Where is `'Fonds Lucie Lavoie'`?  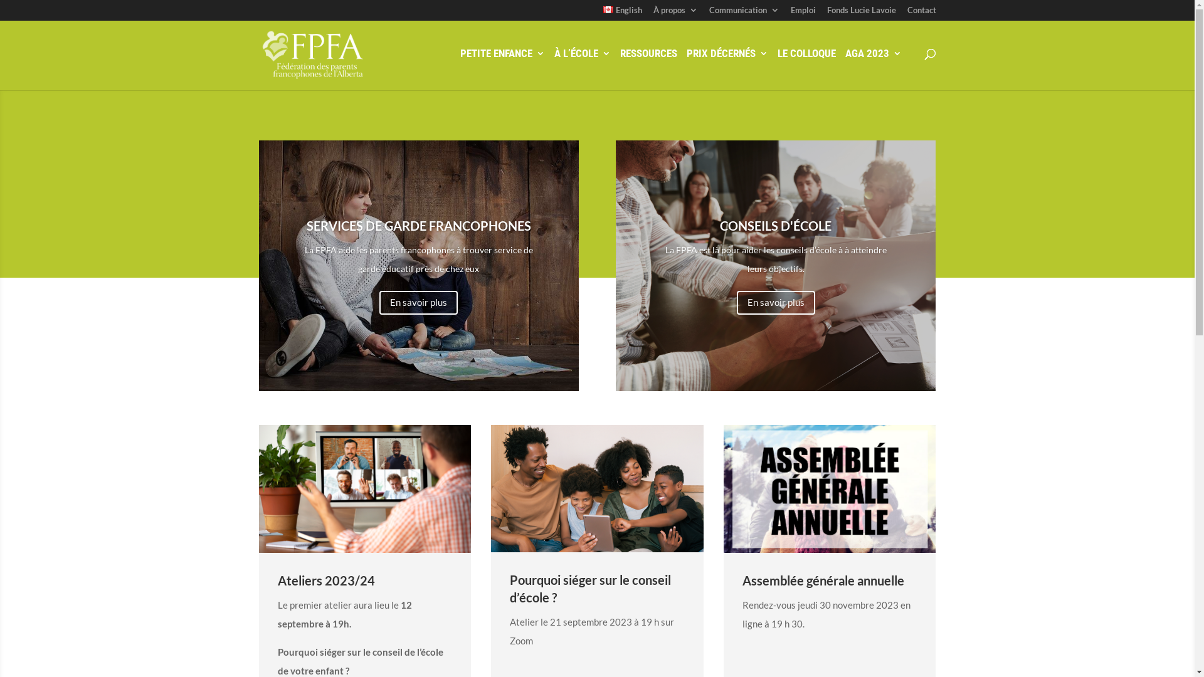
'Fonds Lucie Lavoie' is located at coordinates (860, 13).